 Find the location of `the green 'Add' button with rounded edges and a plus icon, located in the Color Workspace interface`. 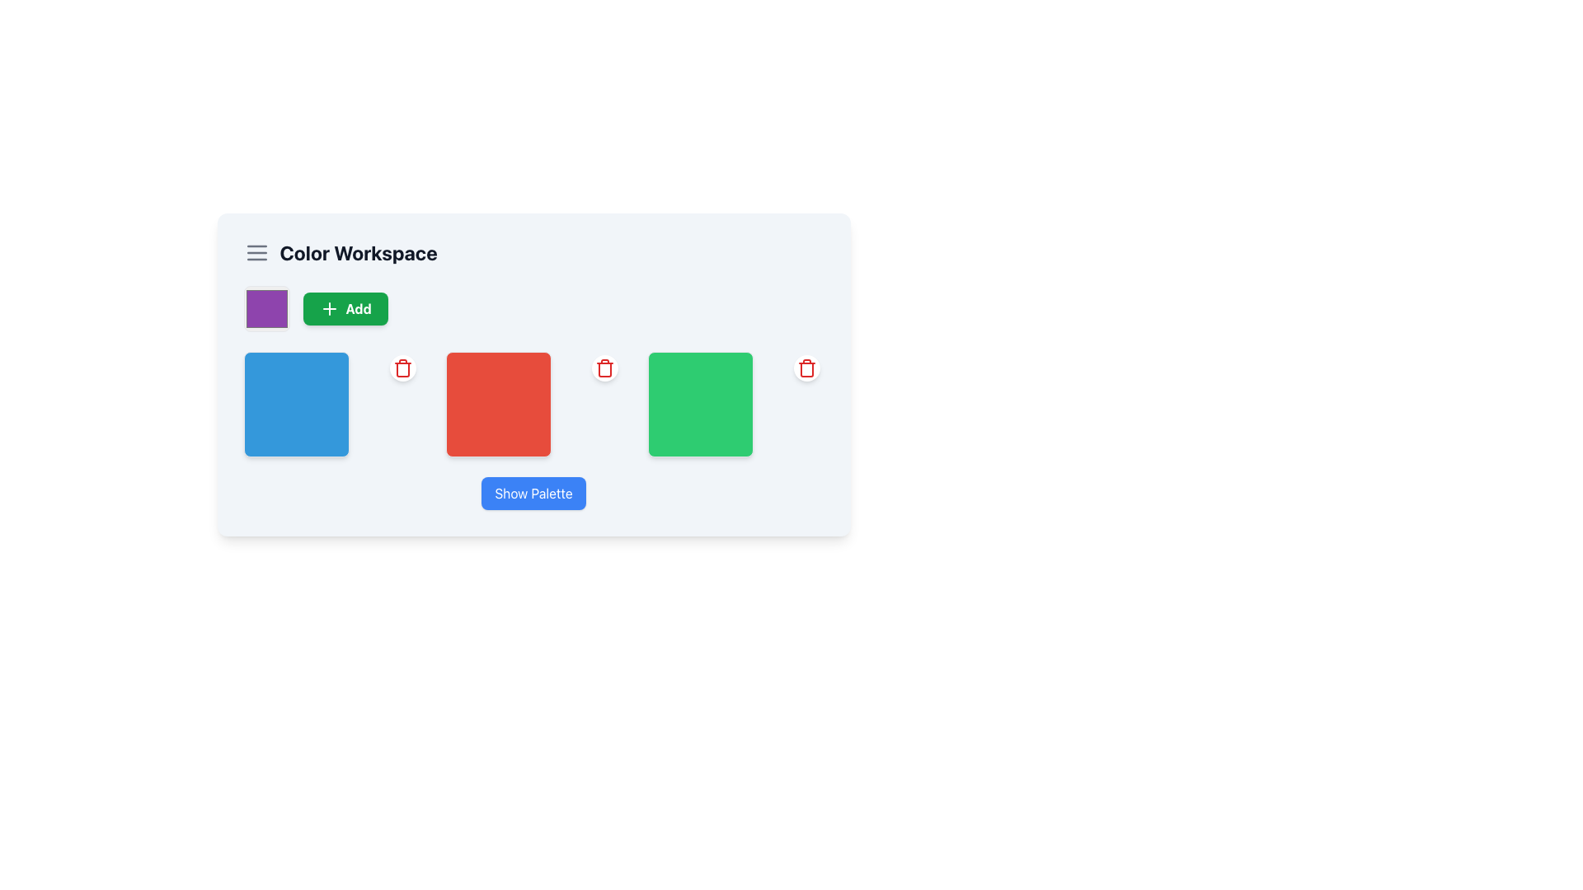

the green 'Add' button with rounded edges and a plus icon, located in the Color Workspace interface is located at coordinates (345, 308).